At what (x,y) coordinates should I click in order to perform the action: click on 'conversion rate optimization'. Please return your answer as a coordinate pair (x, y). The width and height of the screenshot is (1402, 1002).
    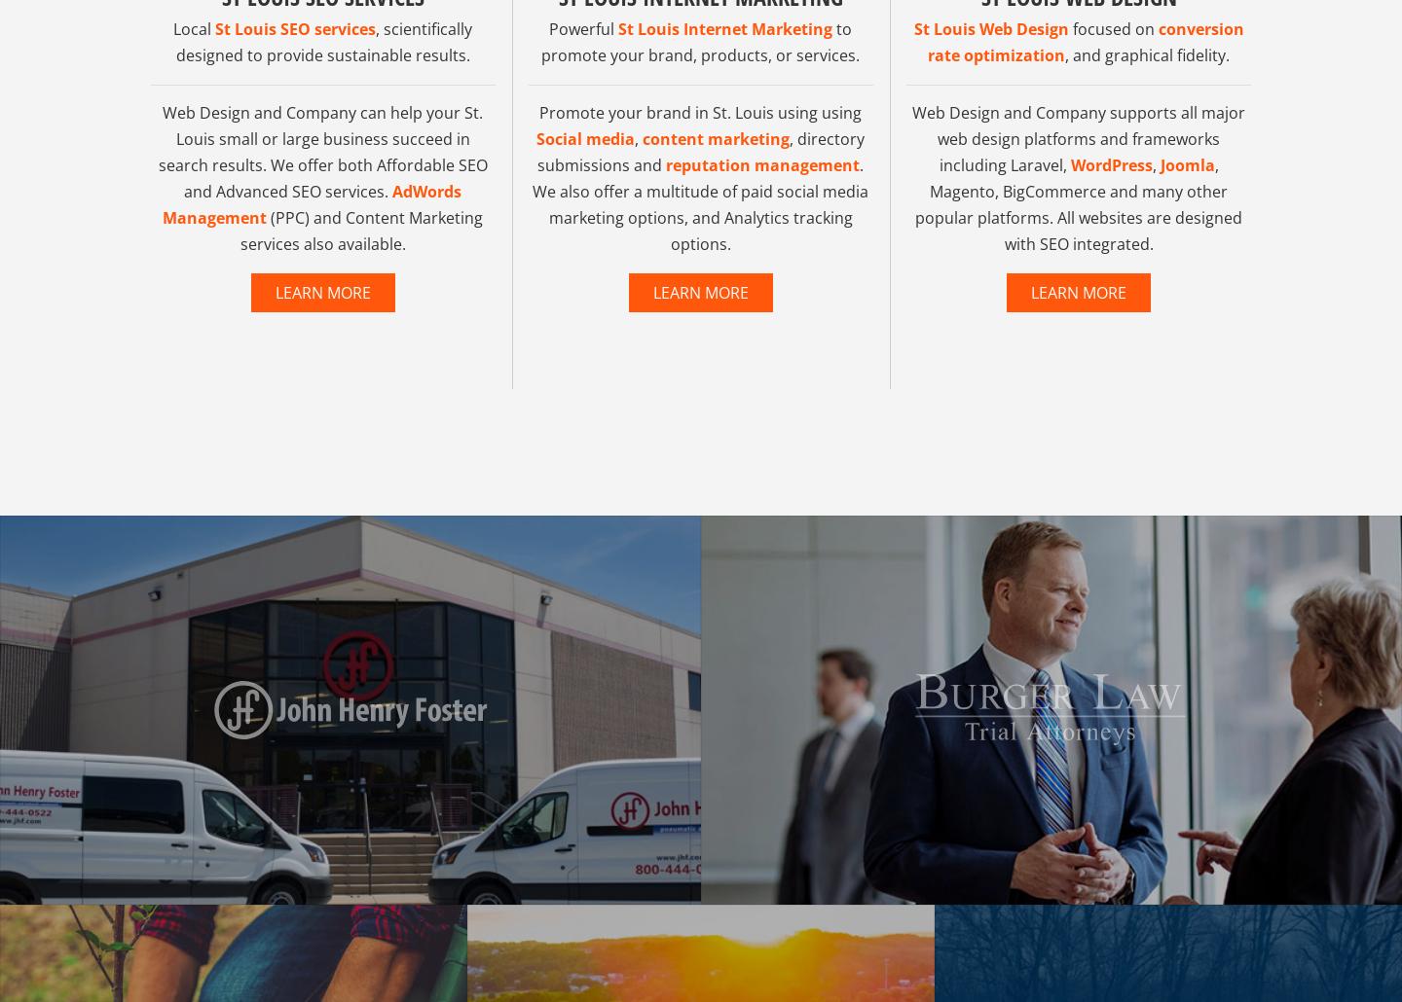
    Looking at the image, I should click on (1059, 90).